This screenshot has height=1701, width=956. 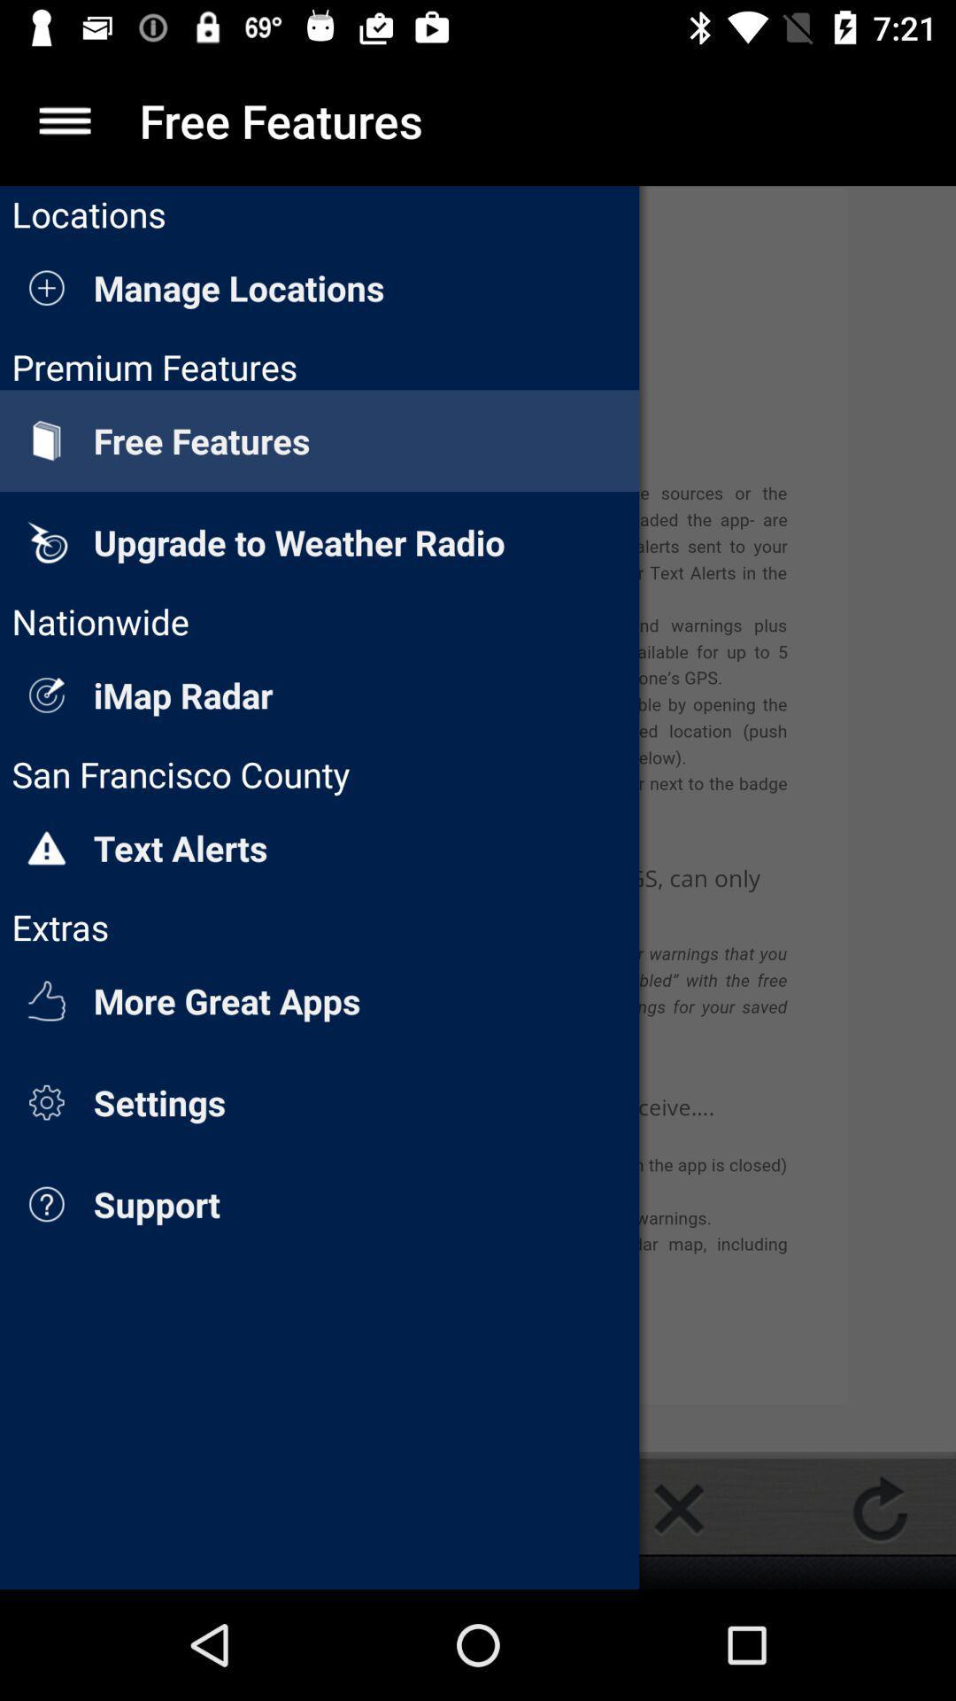 I want to click on document, so click(x=678, y=1508).